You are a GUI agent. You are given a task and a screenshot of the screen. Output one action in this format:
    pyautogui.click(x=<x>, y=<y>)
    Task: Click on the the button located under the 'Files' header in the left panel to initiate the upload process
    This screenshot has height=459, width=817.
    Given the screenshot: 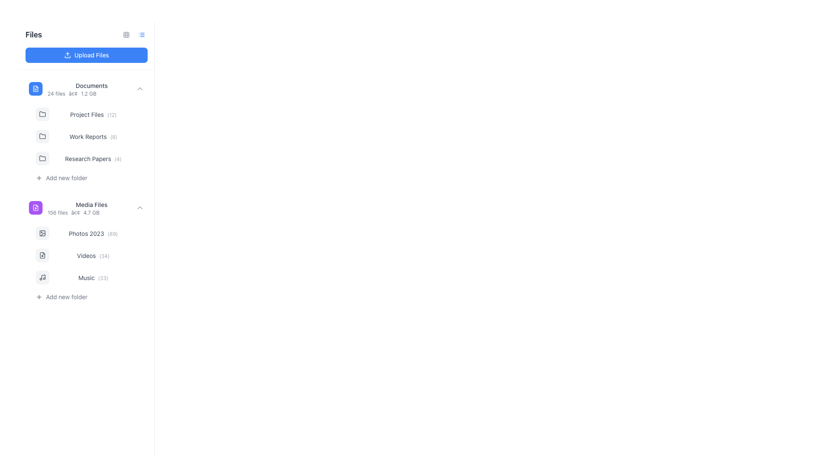 What is the action you would take?
    pyautogui.click(x=86, y=55)
    